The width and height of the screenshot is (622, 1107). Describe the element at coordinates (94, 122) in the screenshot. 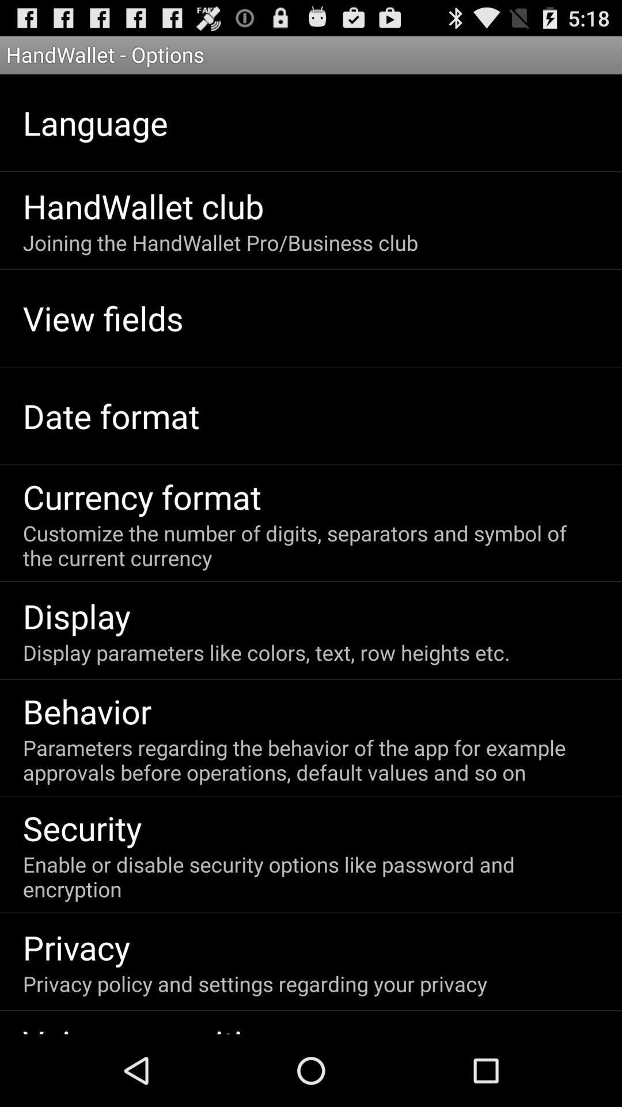

I see `language item` at that location.